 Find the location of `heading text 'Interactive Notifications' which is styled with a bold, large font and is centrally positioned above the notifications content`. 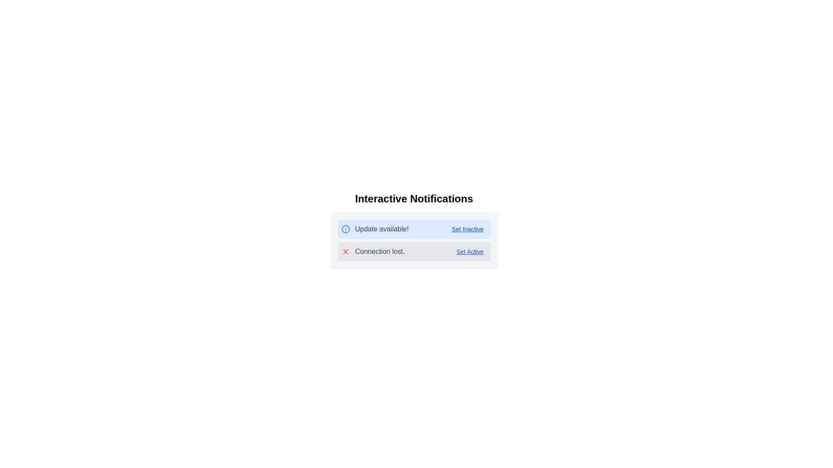

heading text 'Interactive Notifications' which is styled with a bold, large font and is centrally positioned above the notifications content is located at coordinates (413, 199).